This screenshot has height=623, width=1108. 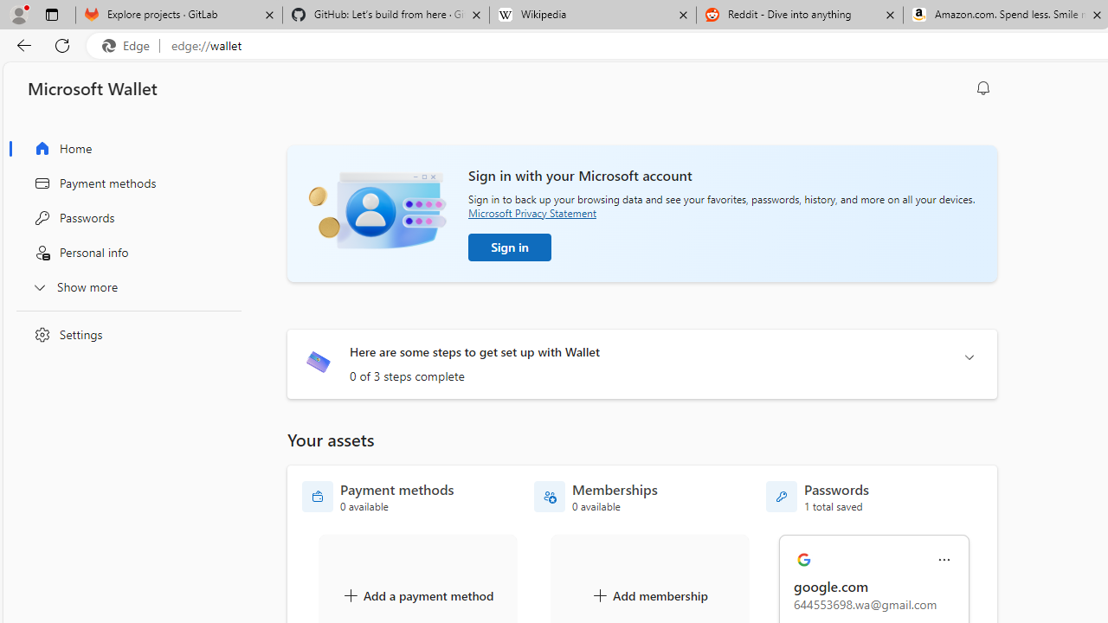 I want to click on 'Sign in', so click(x=509, y=247).